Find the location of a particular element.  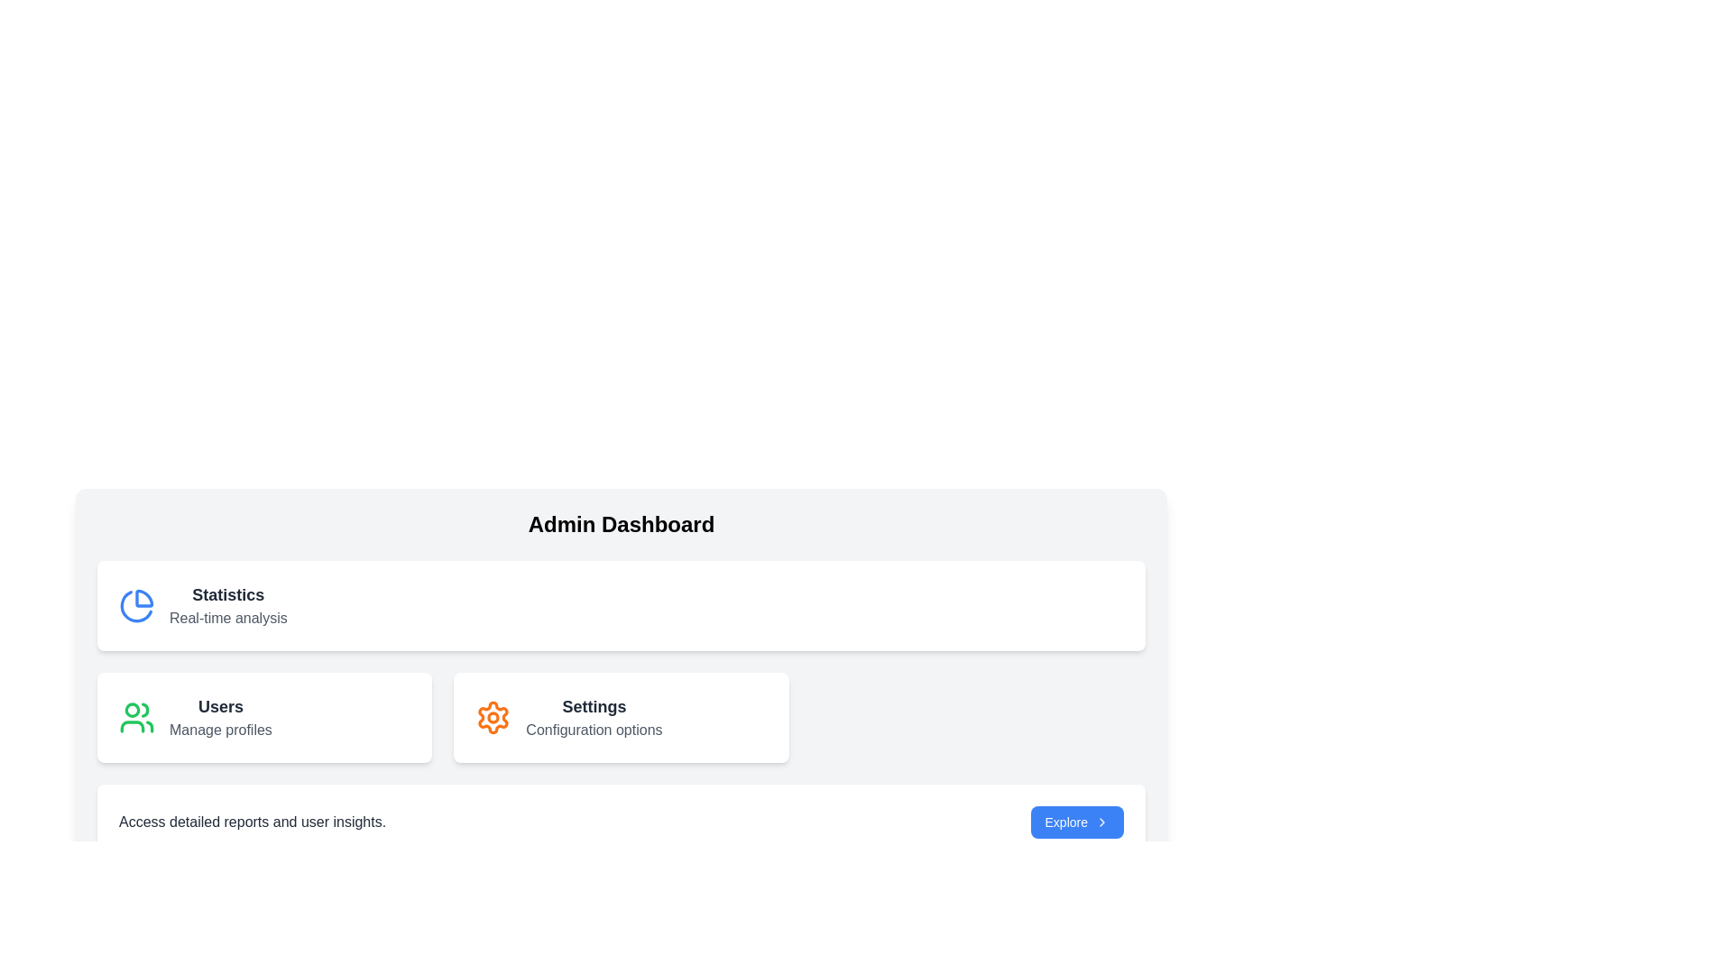

the second card in the grid layout under the 'Admin Dashboard' heading, which serves as a navigational entry point for user management is located at coordinates (263, 716).